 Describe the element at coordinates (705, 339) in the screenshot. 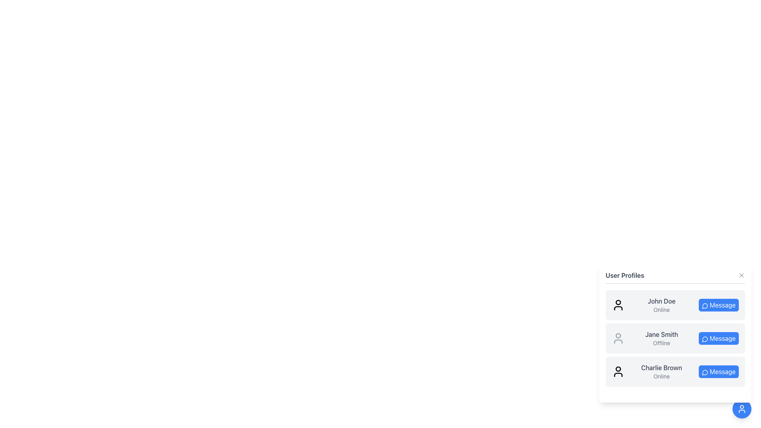

I see `the speech bubble icon within the 'Message' button located next to the 'Jane Smith' user profile in the 'User Profiles' section` at that location.